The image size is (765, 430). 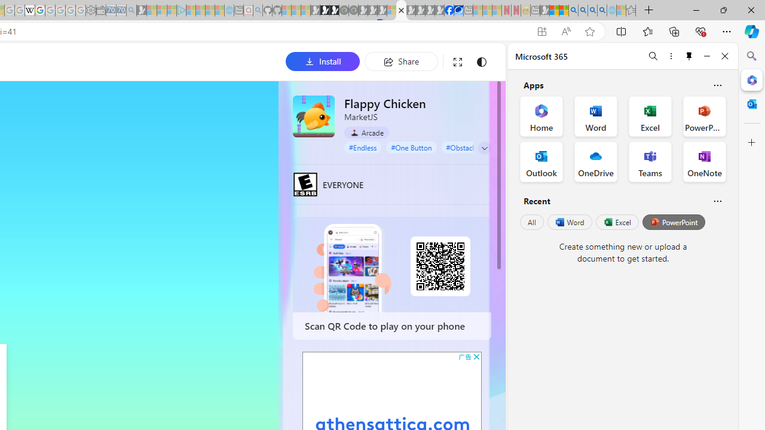 What do you see at coordinates (366, 132) in the screenshot?
I see `'Arcade'` at bounding box center [366, 132].